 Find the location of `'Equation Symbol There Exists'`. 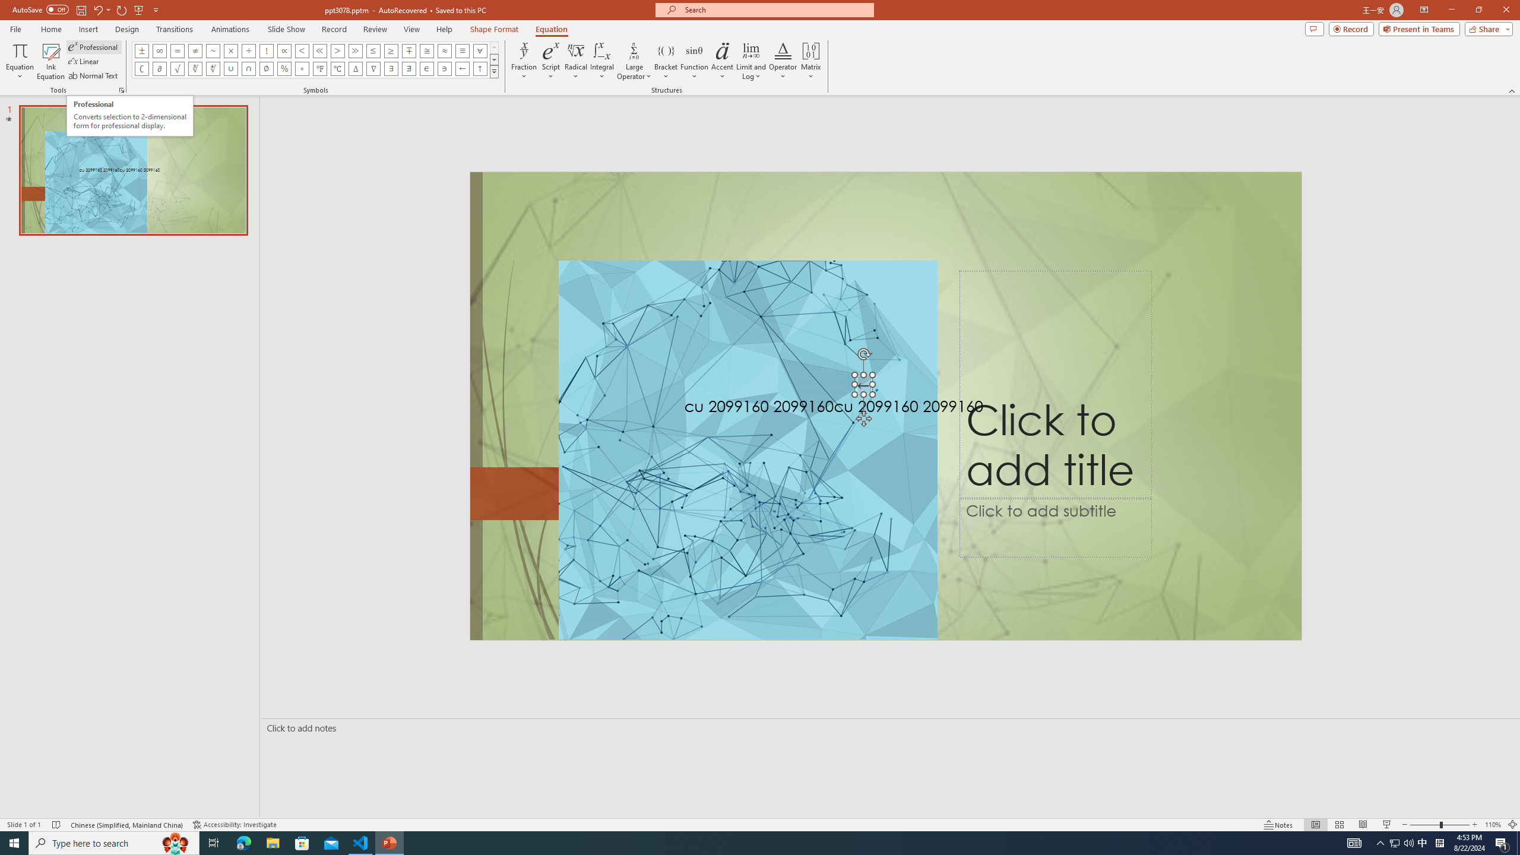

'Equation Symbol There Exists' is located at coordinates (391, 68).